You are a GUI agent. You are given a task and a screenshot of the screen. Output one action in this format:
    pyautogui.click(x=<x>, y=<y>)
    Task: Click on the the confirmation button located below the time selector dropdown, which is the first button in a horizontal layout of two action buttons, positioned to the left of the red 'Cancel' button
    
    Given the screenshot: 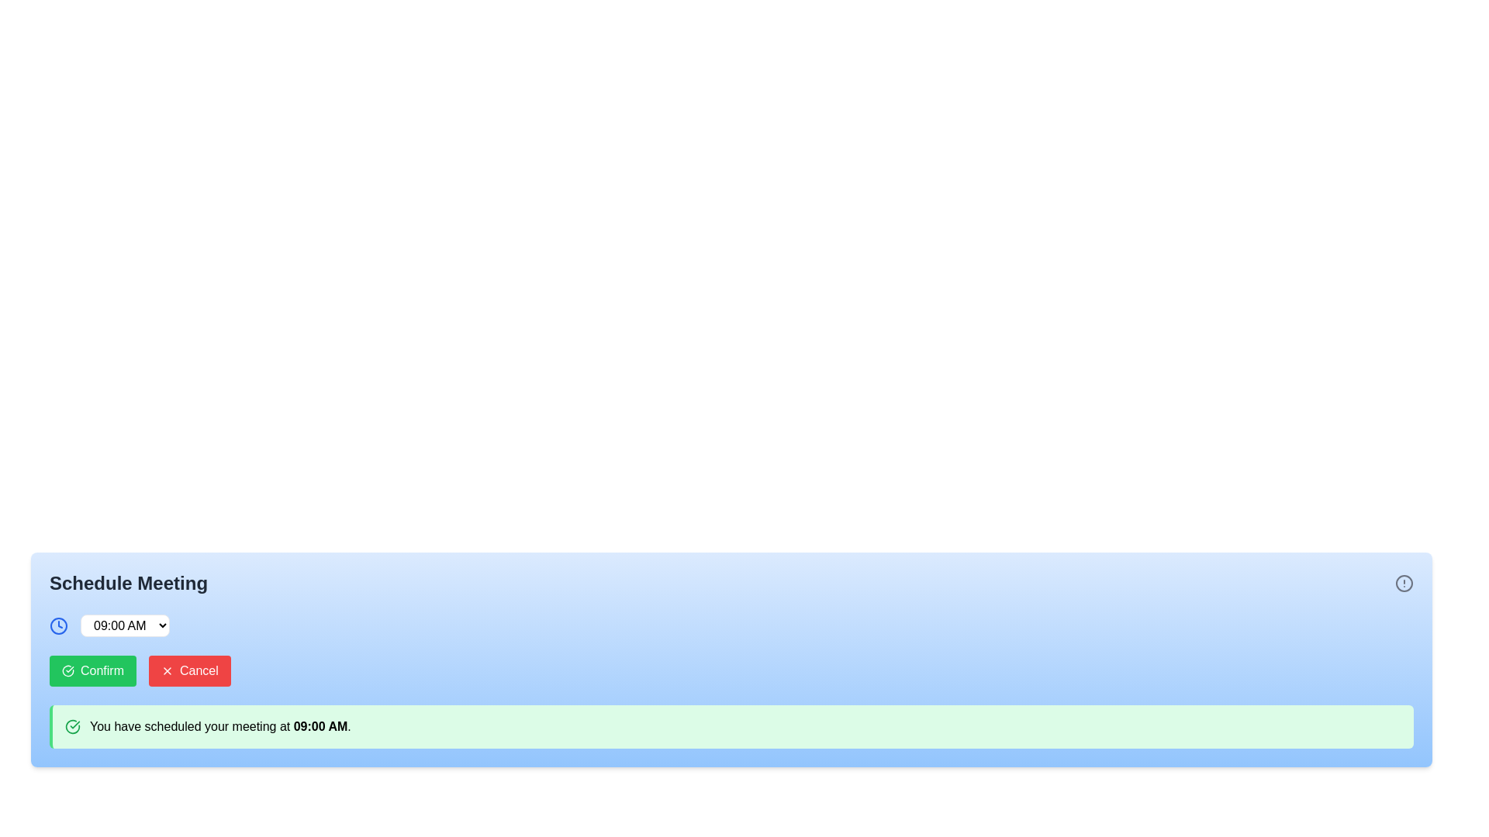 What is the action you would take?
    pyautogui.click(x=92, y=670)
    